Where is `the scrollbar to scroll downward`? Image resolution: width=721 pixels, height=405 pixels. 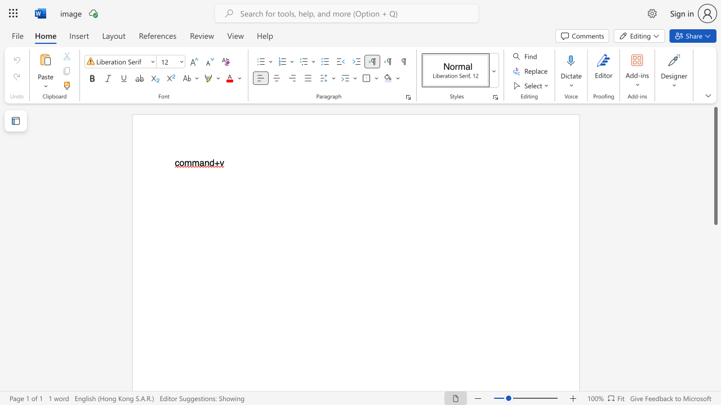 the scrollbar to scroll downward is located at coordinates (715, 342).